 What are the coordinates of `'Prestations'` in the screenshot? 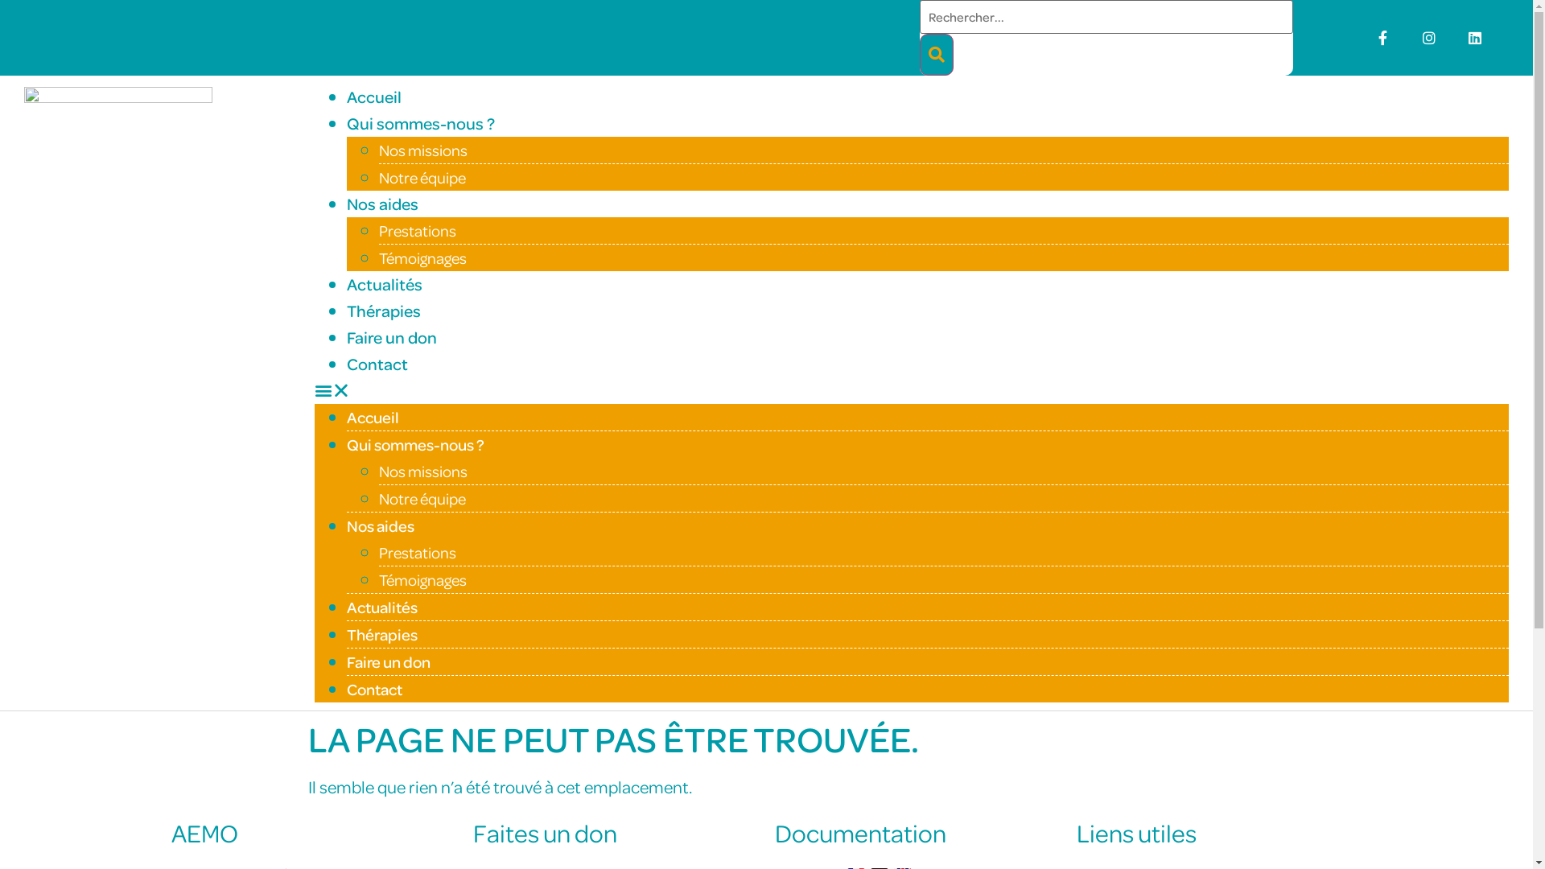 It's located at (417, 230).